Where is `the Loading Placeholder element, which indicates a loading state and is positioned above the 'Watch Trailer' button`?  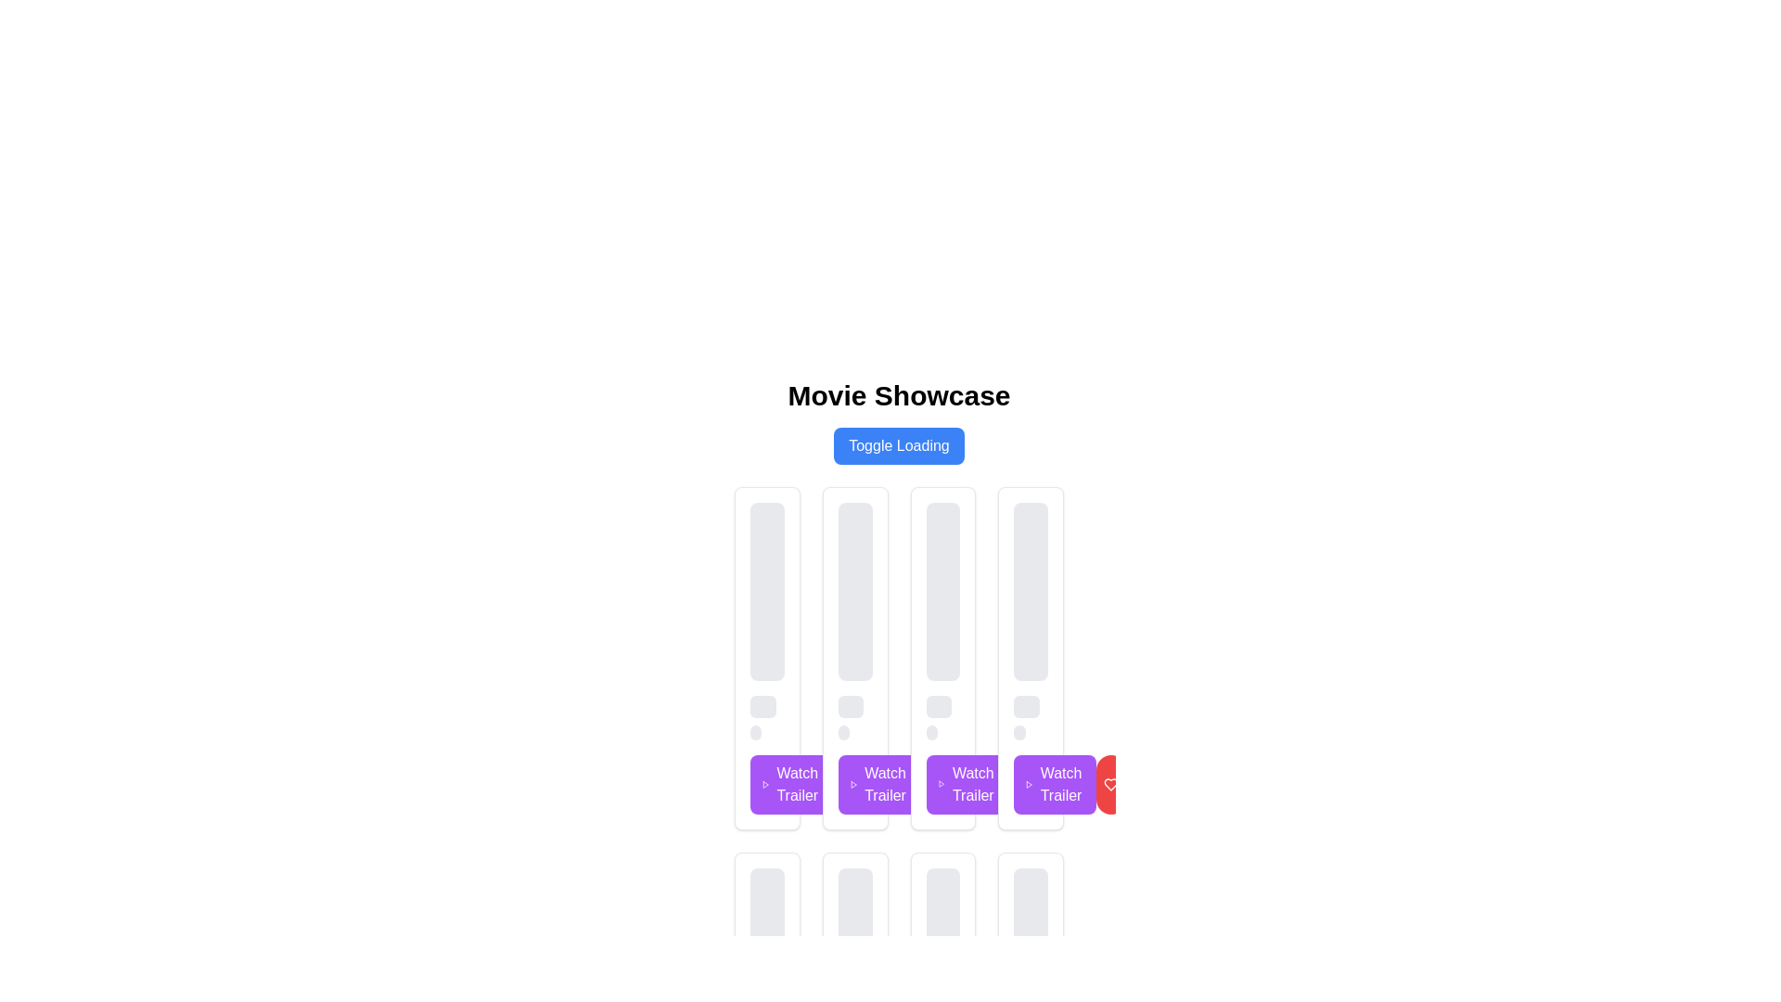 the Loading Placeholder element, which indicates a loading state and is positioned above the 'Watch Trailer' button is located at coordinates (854, 622).